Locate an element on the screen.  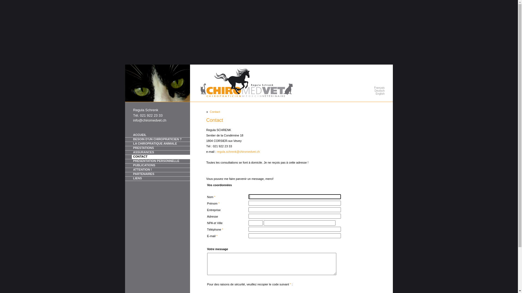
'LIENS' is located at coordinates (160, 179).